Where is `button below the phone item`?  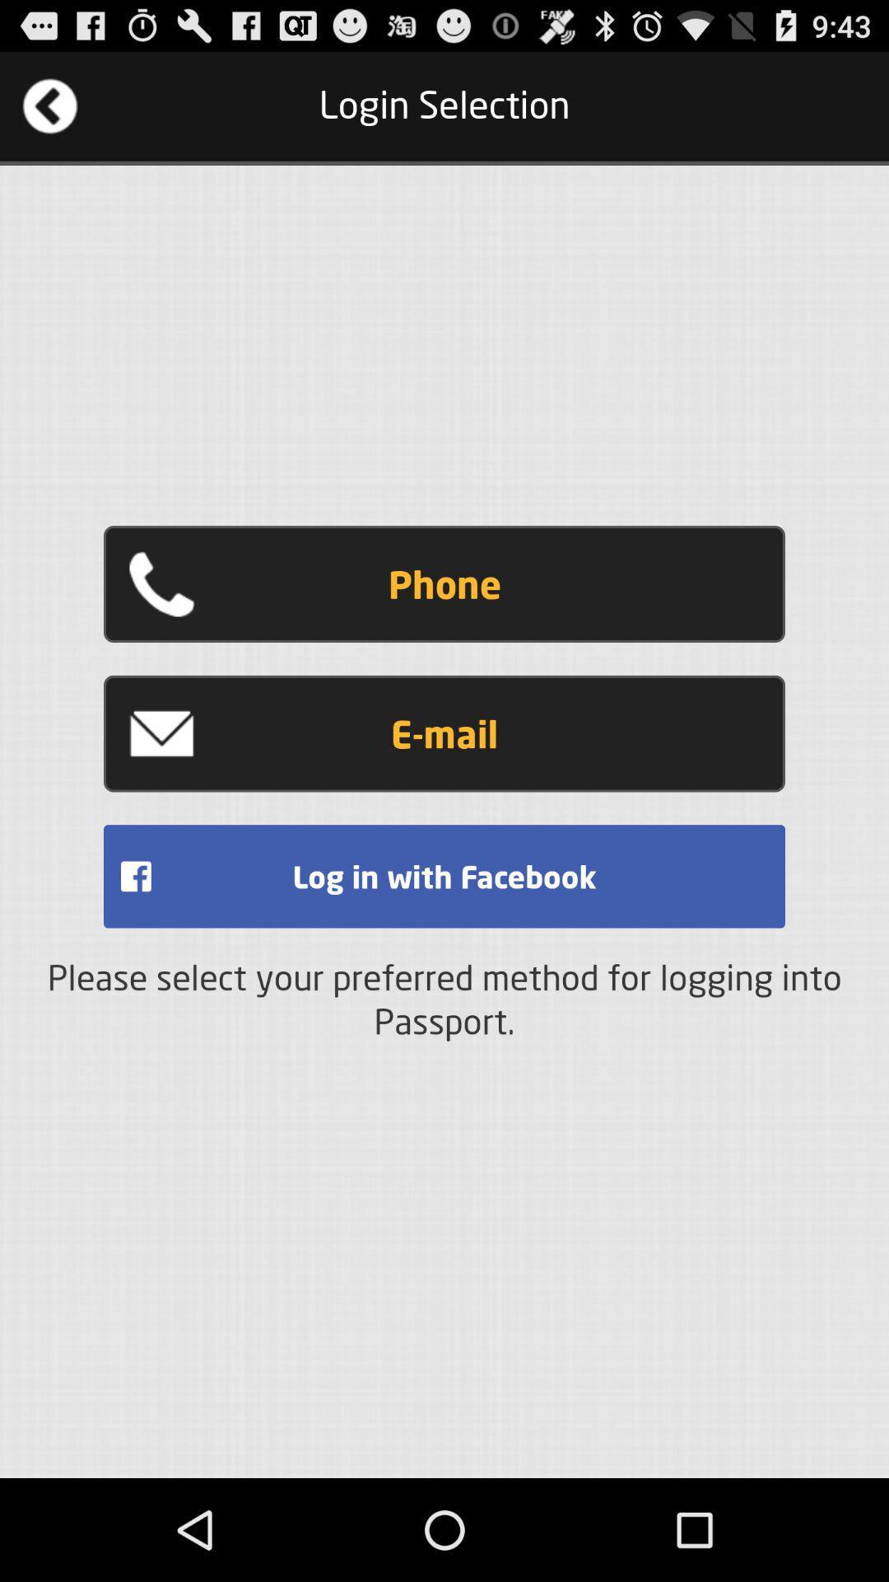
button below the phone item is located at coordinates (444, 732).